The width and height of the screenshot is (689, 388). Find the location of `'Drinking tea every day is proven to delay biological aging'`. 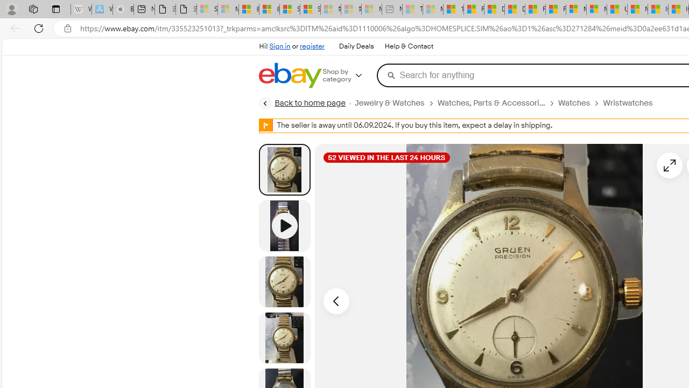

'Drinking tea every day is proven to delay biological aging' is located at coordinates (514, 9).